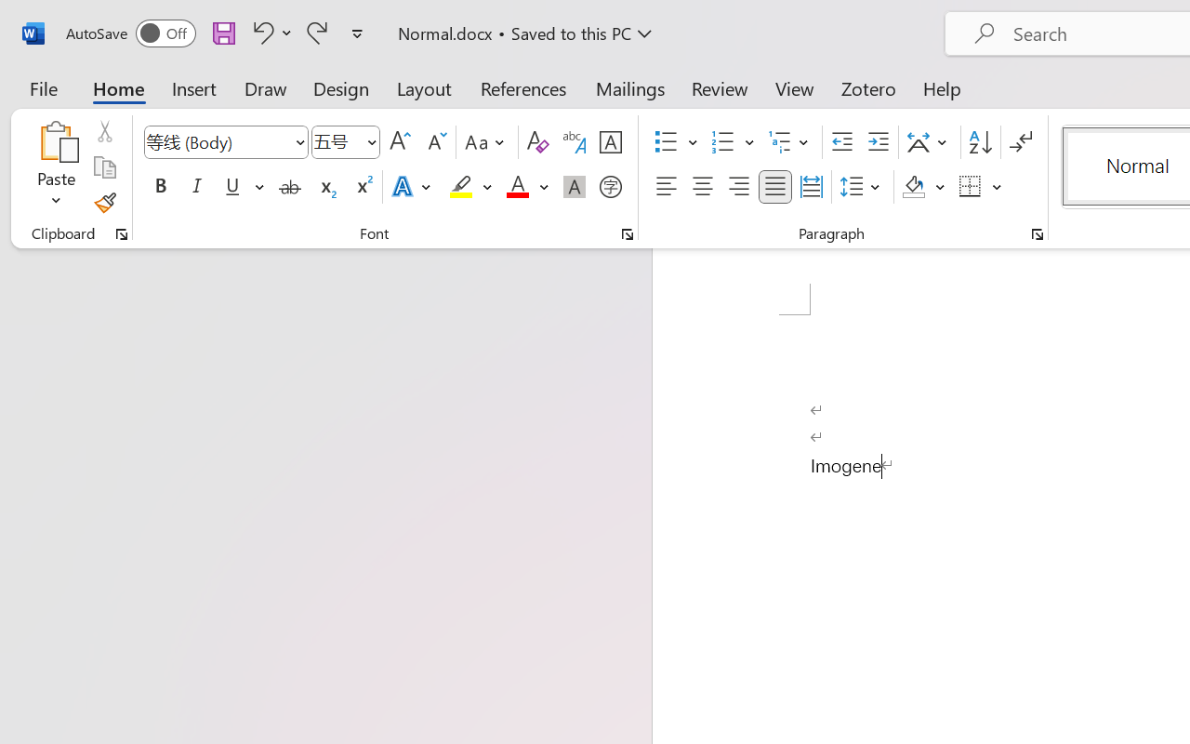 This screenshot has height=744, width=1190. Describe the element at coordinates (470, 187) in the screenshot. I see `'Text Highlight Color'` at that location.